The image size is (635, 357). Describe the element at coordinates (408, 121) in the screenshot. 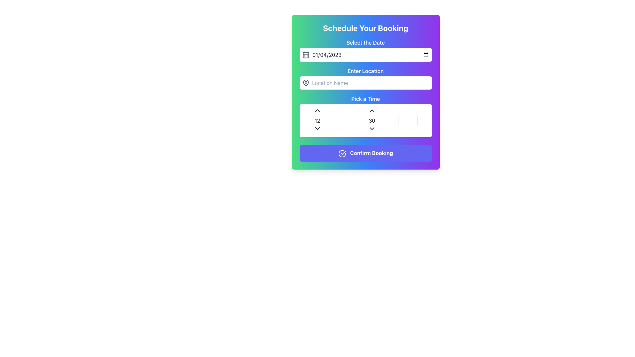

I see `the Toggle button for AM/PM selection located in the 'Pick a Time' section, positioned to the right of the minute selection element ('30')` at that location.